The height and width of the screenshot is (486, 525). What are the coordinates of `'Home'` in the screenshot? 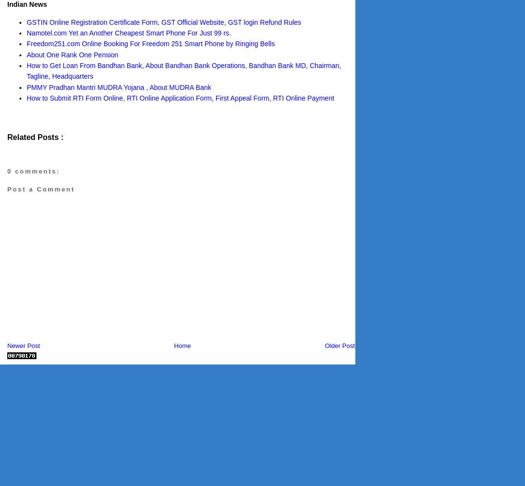 It's located at (182, 345).